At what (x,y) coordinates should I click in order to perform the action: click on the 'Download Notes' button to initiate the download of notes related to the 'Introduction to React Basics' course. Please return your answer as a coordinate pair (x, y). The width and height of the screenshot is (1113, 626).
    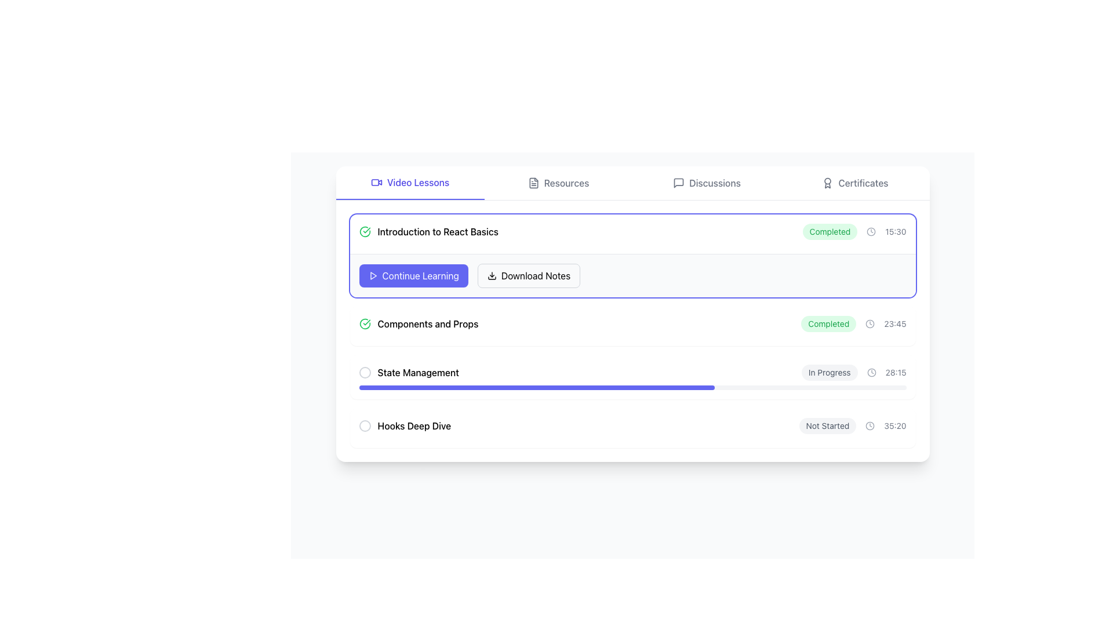
    Looking at the image, I should click on (528, 275).